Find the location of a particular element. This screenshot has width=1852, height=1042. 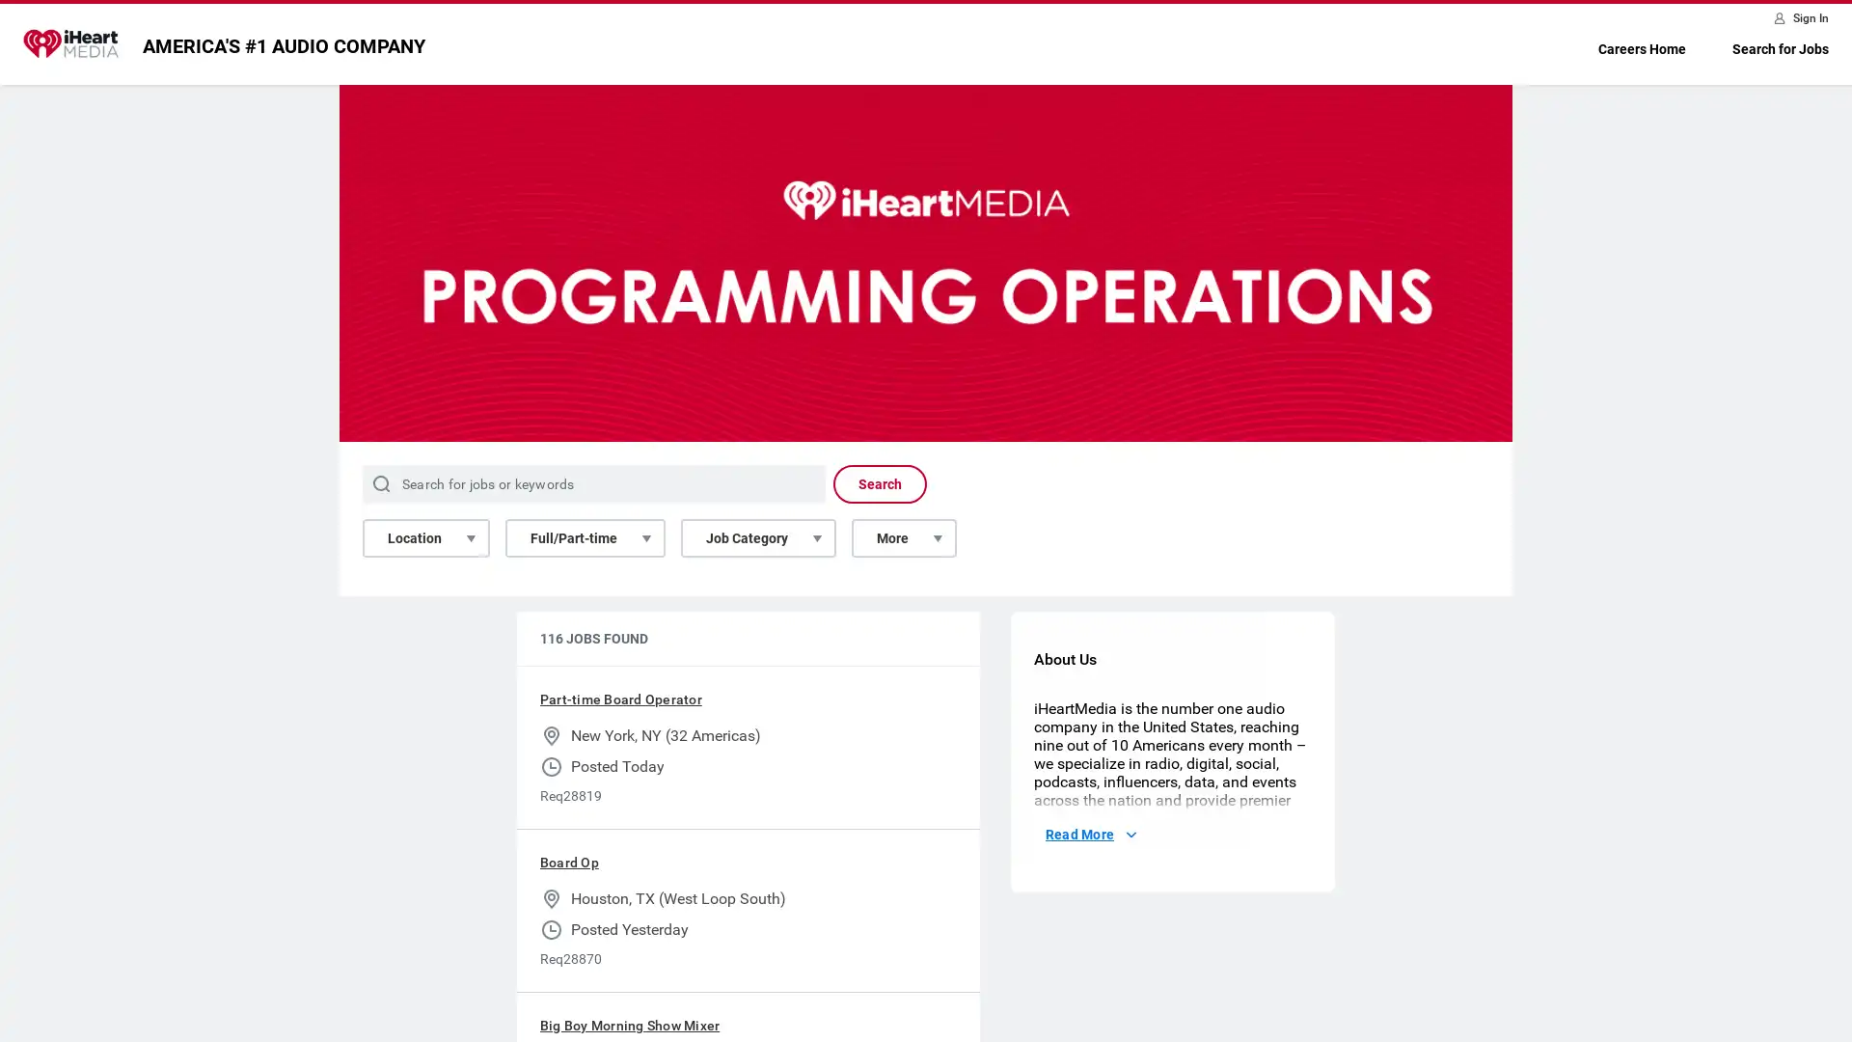

Read More About Us is located at coordinates (1089, 978).